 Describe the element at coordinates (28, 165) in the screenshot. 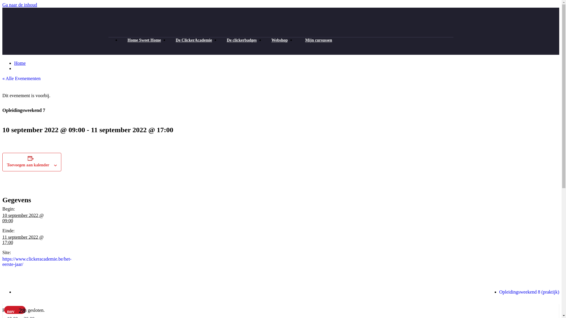

I see `'Toevoegen aan kalender'` at that location.